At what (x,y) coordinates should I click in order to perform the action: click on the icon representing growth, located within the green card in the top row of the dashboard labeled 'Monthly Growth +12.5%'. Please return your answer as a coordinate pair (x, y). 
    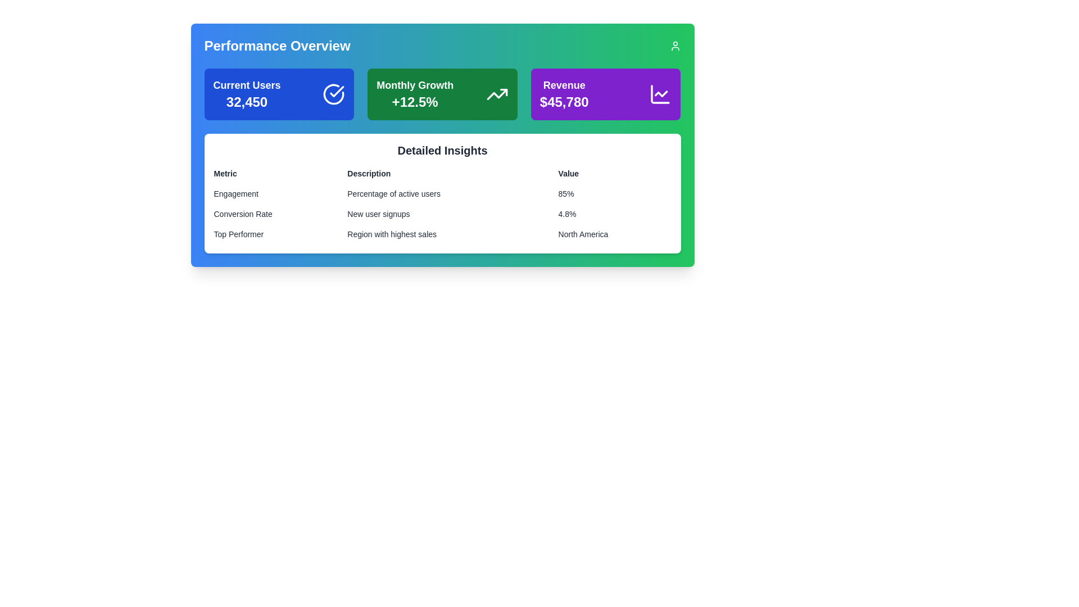
    Looking at the image, I should click on (496, 94).